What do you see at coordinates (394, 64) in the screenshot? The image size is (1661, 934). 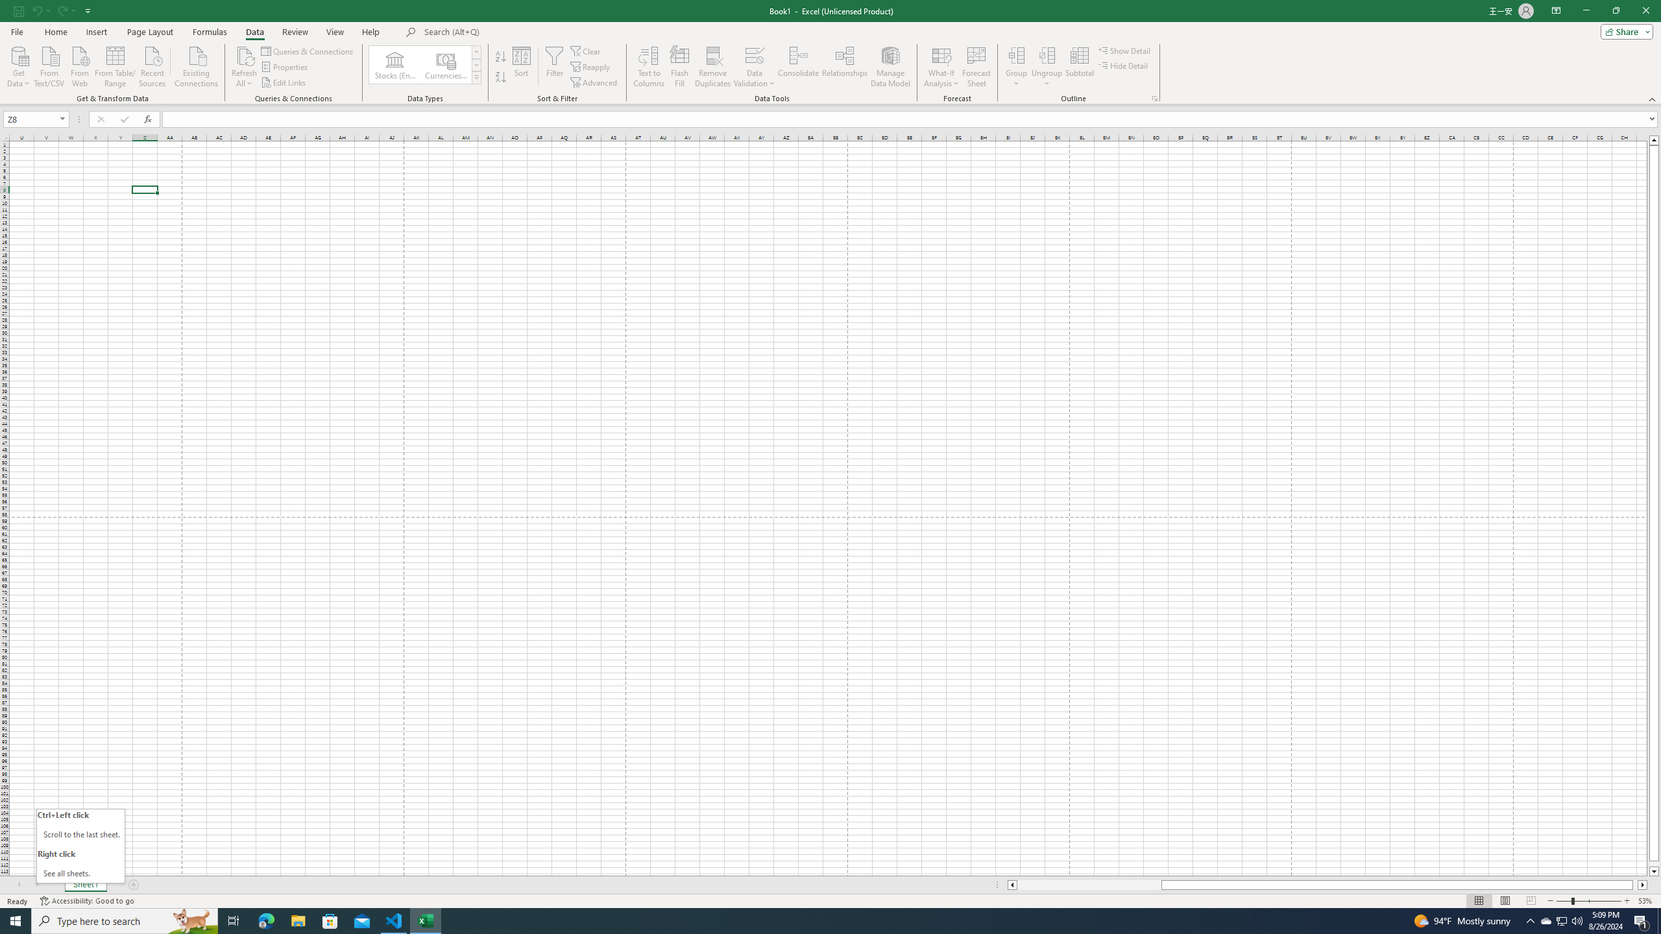 I see `'Stocks (English)'` at bounding box center [394, 64].